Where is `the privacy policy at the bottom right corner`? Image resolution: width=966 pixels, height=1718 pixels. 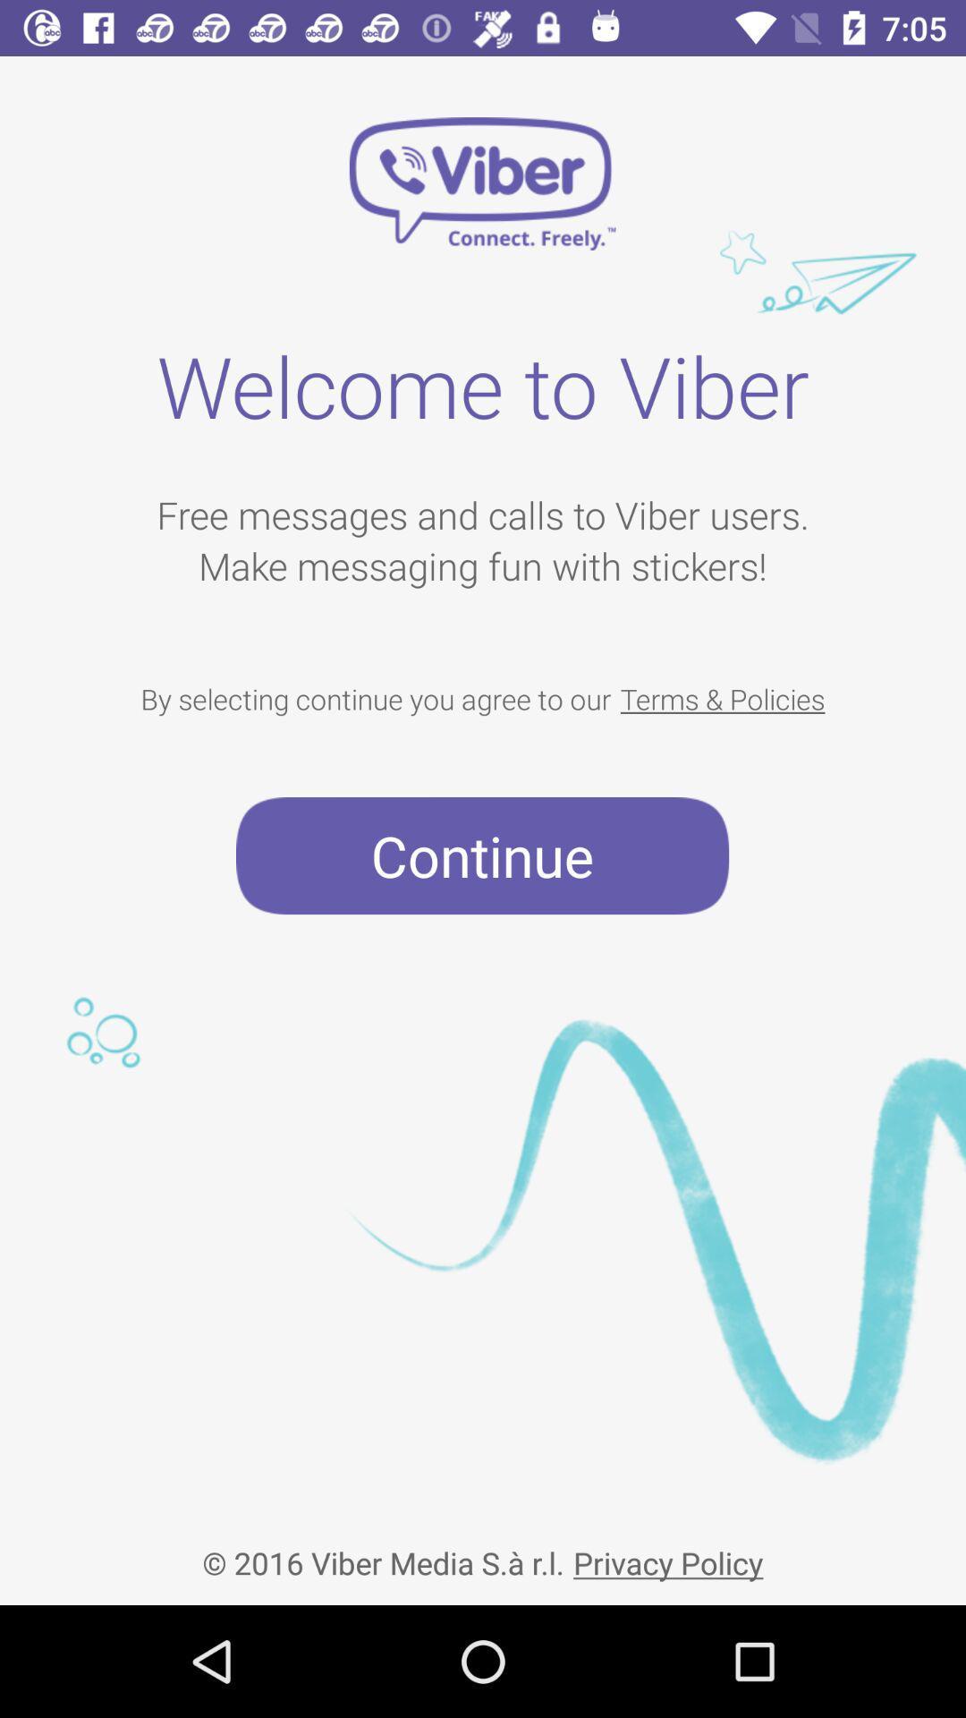
the privacy policy at the bottom right corner is located at coordinates (668, 1547).